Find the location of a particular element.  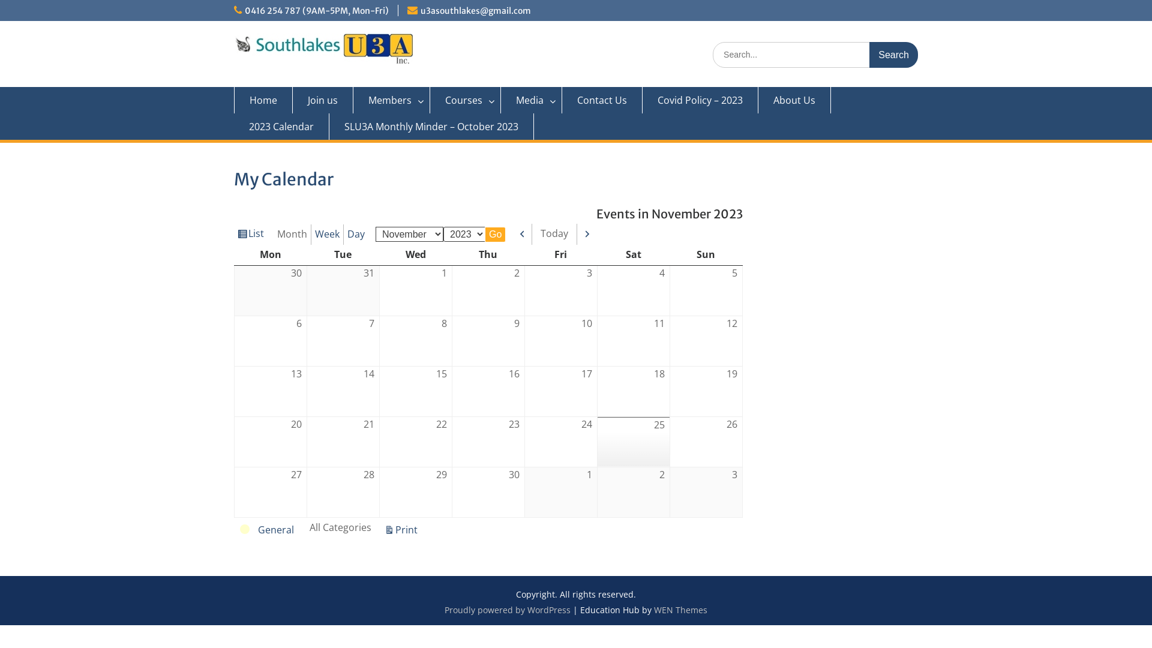

'View as is located at coordinates (250, 234).